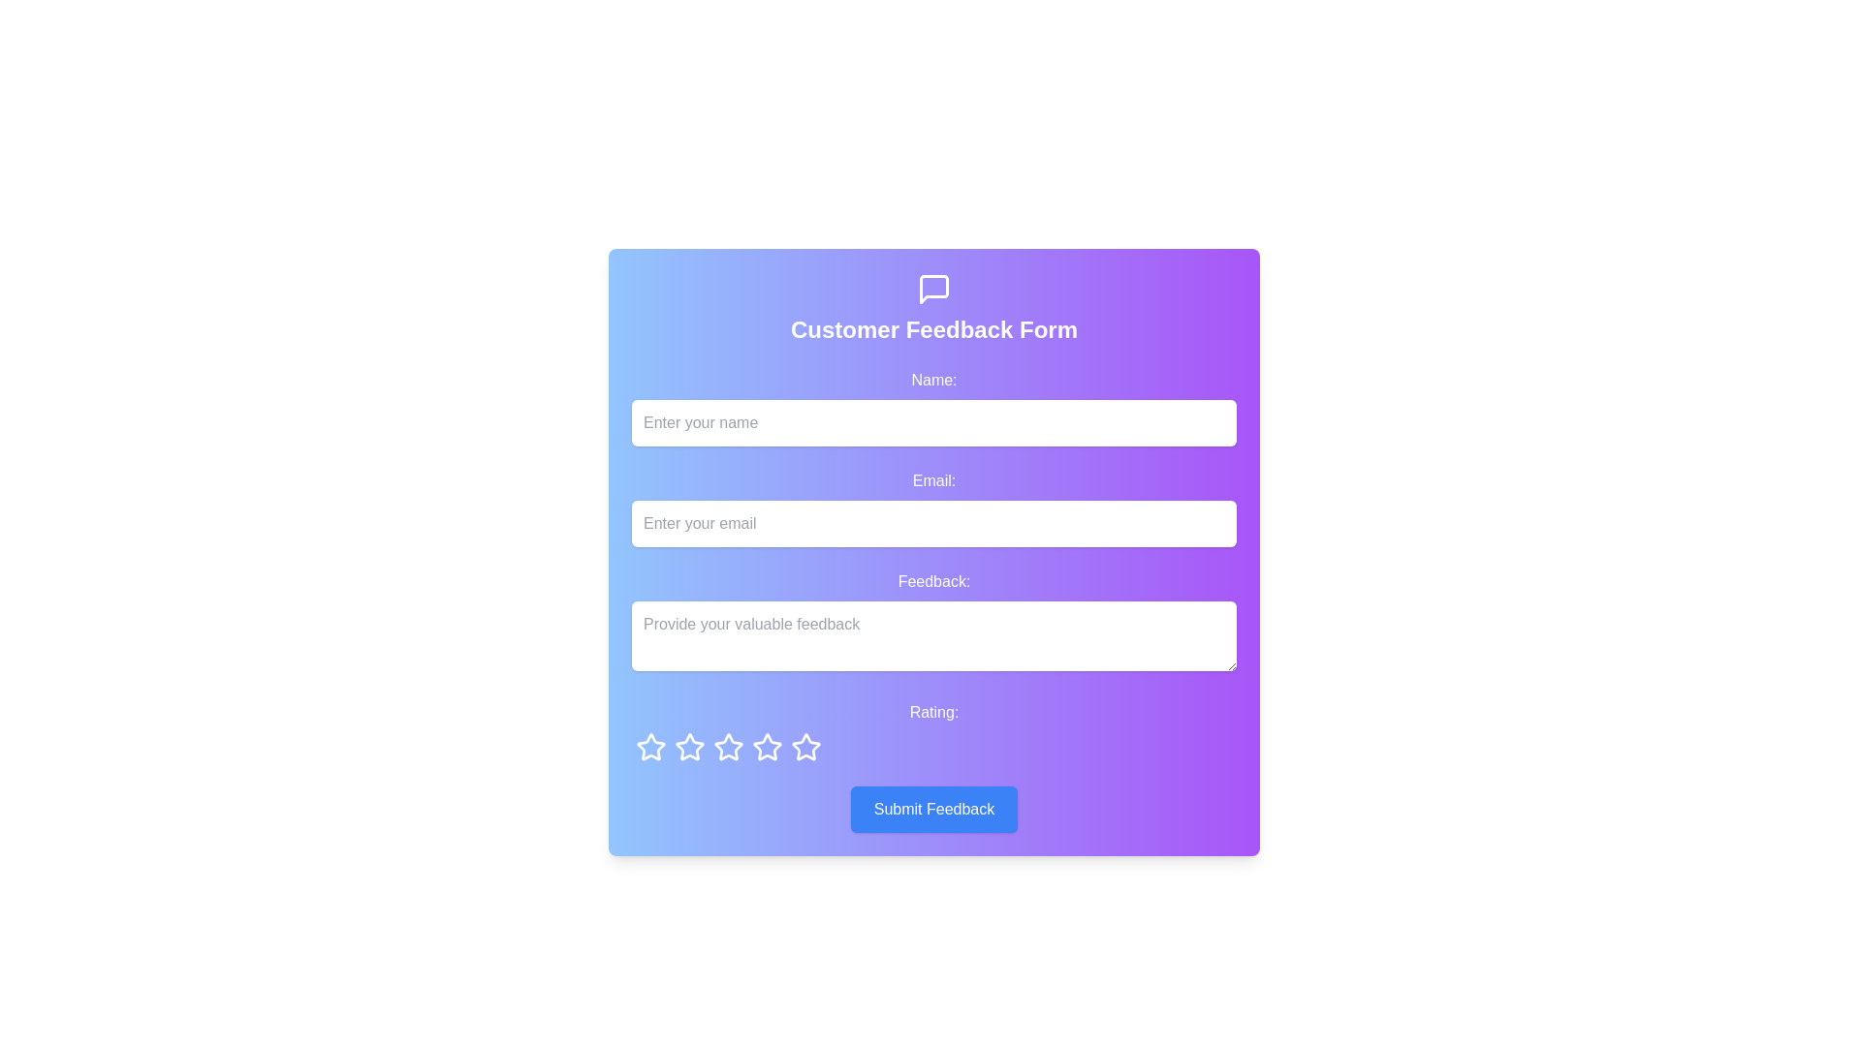  I want to click on the first star-shaped Rating icon with thick white borders located against a blue background, so click(651, 746).